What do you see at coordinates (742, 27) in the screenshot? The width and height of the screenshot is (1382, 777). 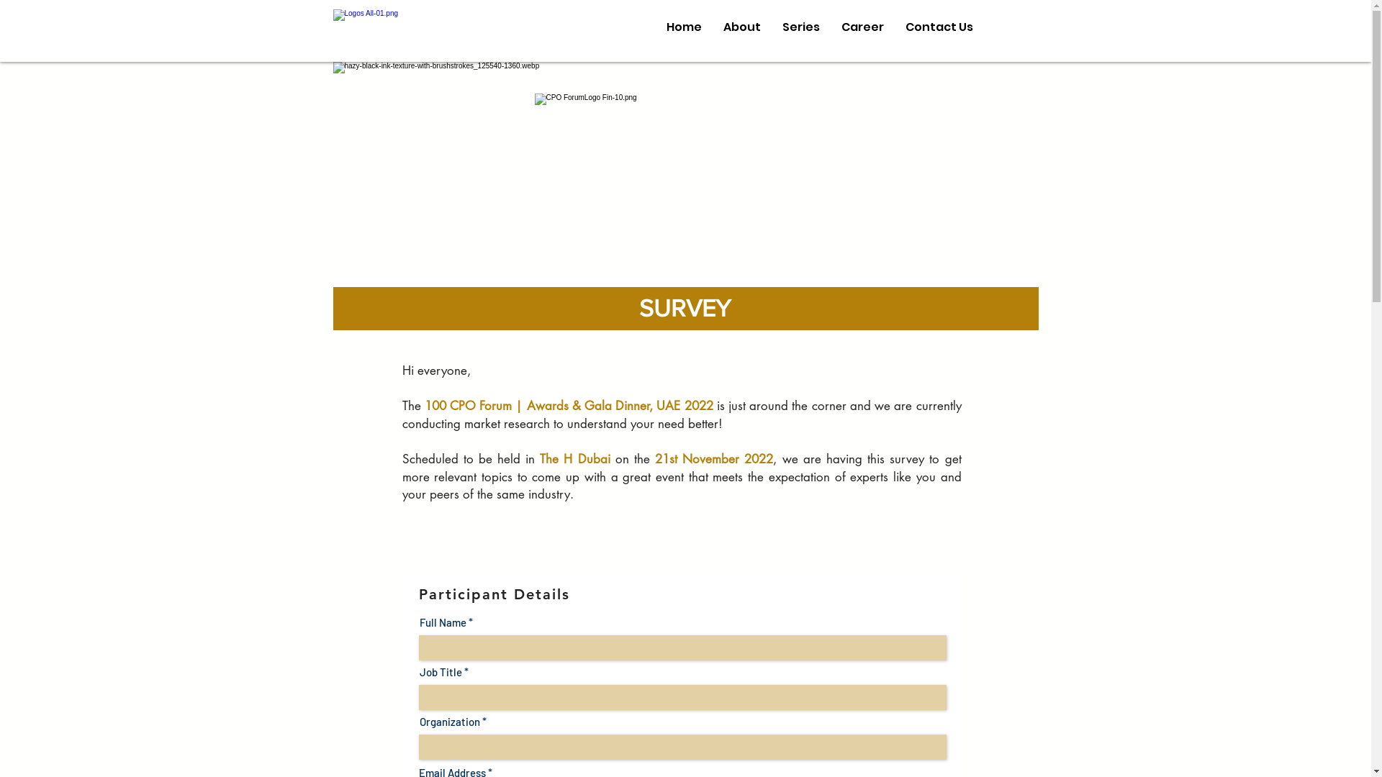 I see `'About'` at bounding box center [742, 27].